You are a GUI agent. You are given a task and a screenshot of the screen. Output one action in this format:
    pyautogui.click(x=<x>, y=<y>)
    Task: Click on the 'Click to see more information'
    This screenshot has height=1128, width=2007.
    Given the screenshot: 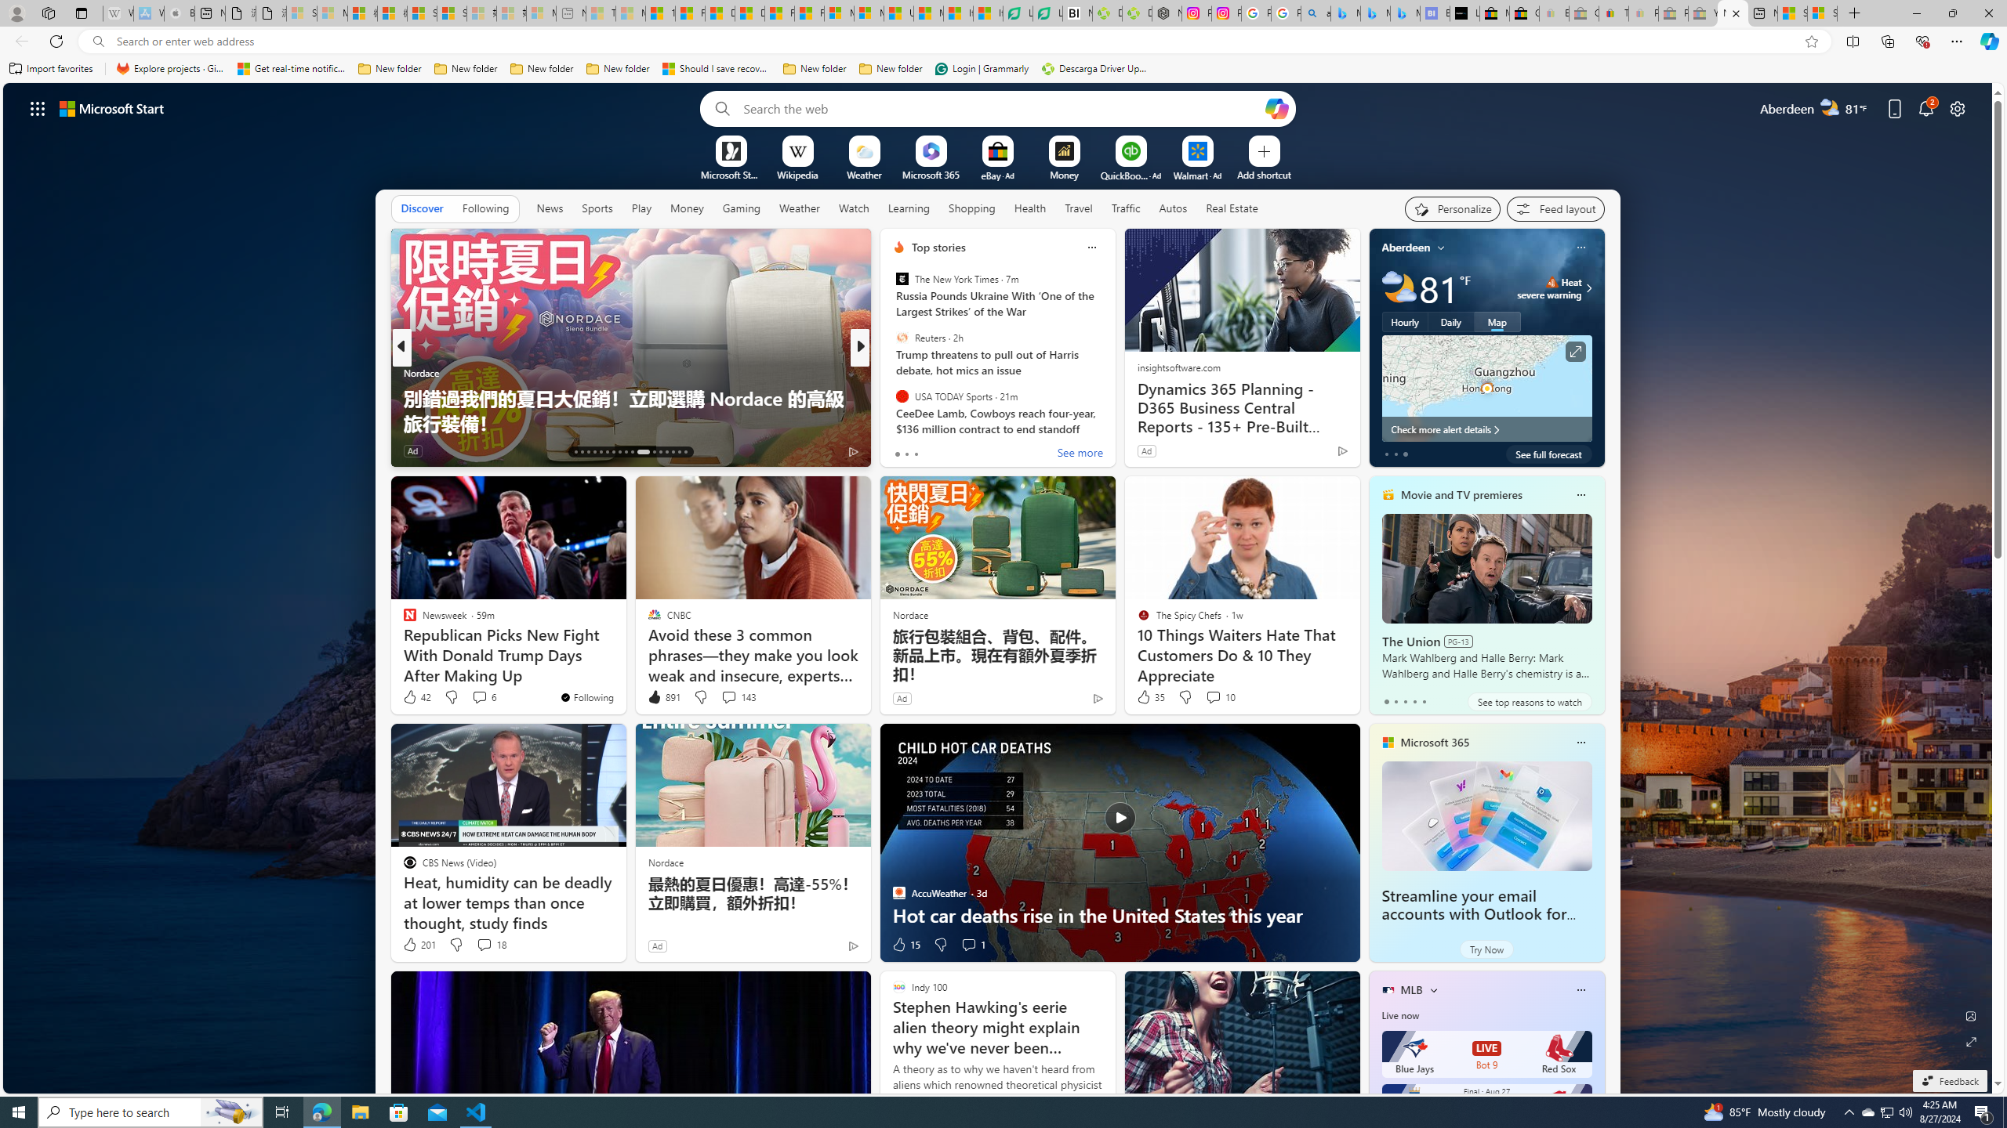 What is the action you would take?
    pyautogui.click(x=1575, y=351)
    